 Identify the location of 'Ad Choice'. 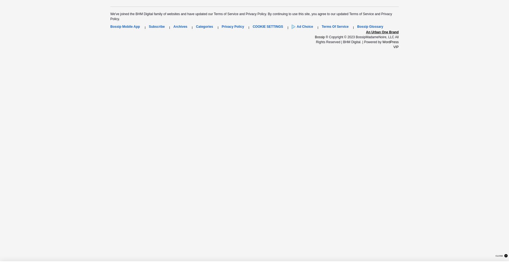
(304, 26).